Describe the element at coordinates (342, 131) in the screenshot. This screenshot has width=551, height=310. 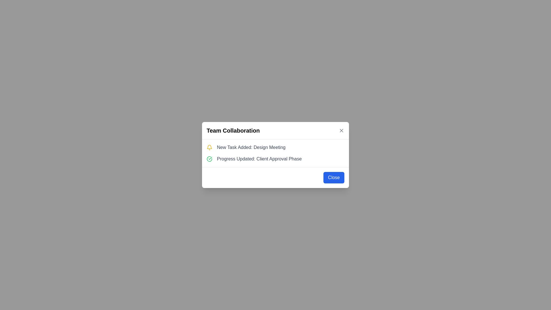
I see `the small close button icon with an 'X' in the middle` at that location.